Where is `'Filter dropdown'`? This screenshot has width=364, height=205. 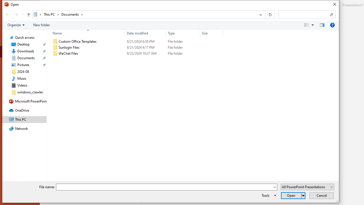
'Filter dropdown' is located at coordinates (220, 33).